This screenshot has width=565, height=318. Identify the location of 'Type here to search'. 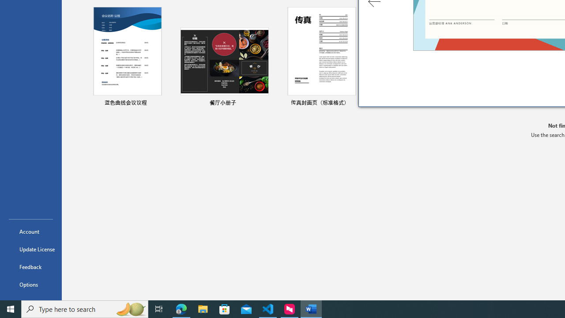
(85, 308).